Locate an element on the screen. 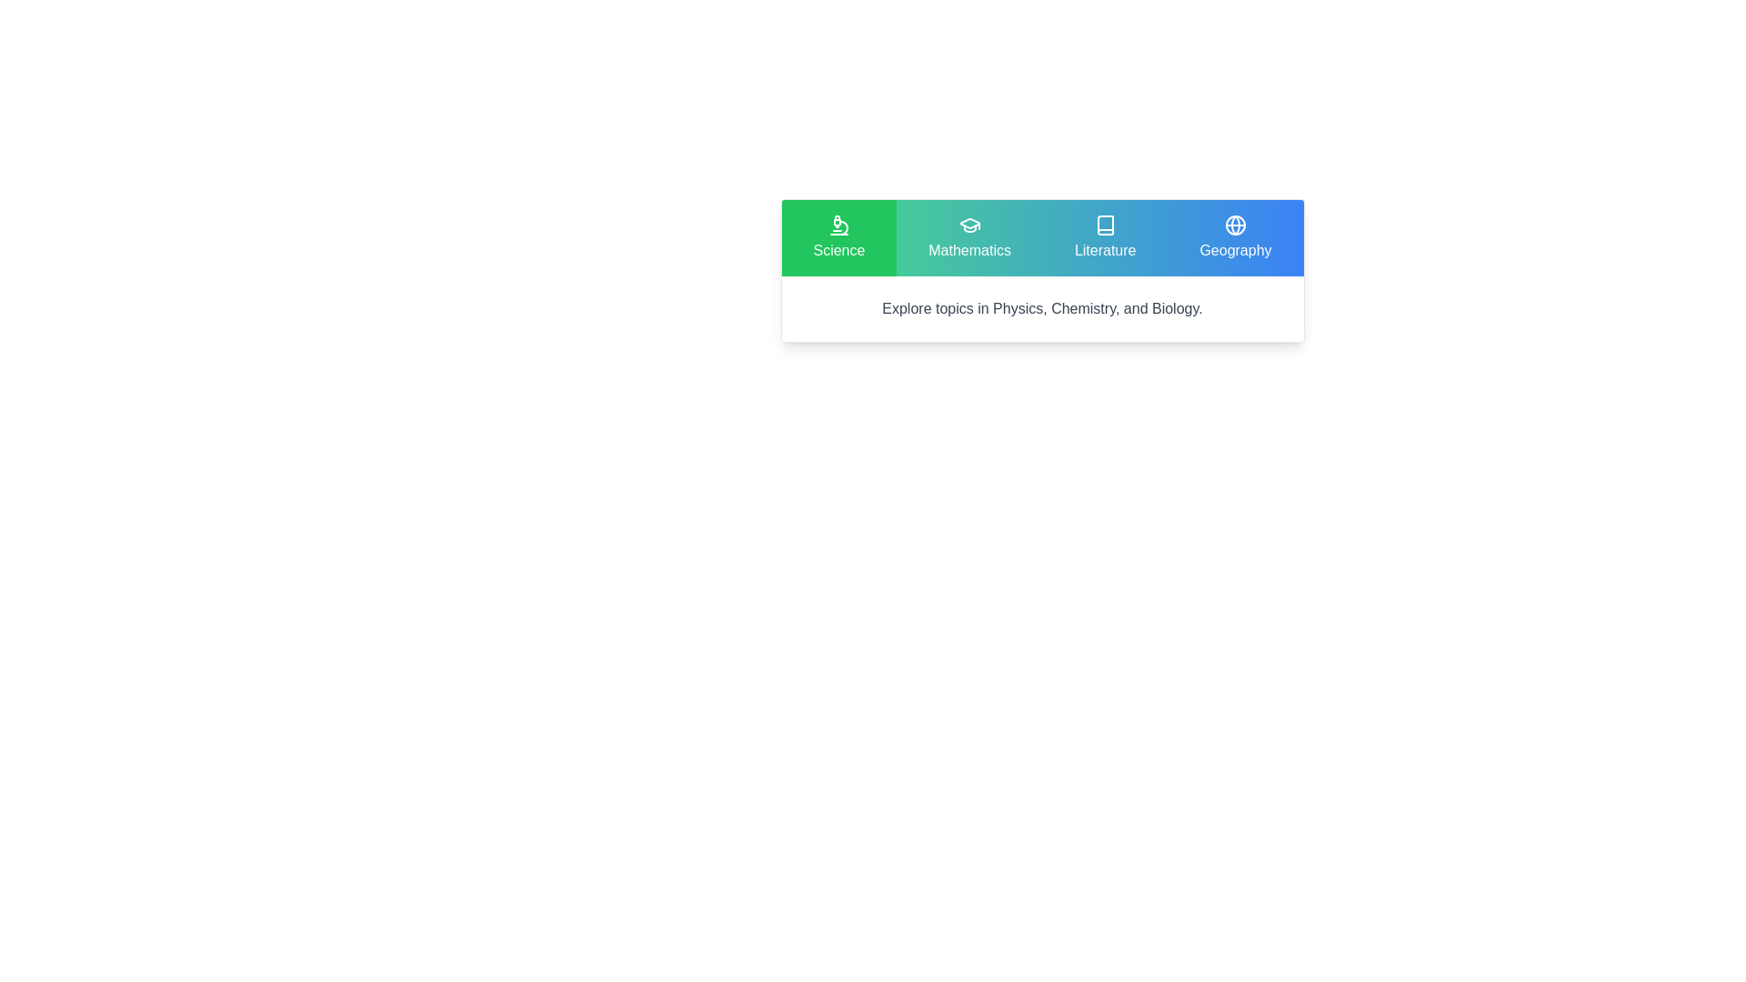  the category links in the card with navigation links and descriptive text is located at coordinates (1042, 270).